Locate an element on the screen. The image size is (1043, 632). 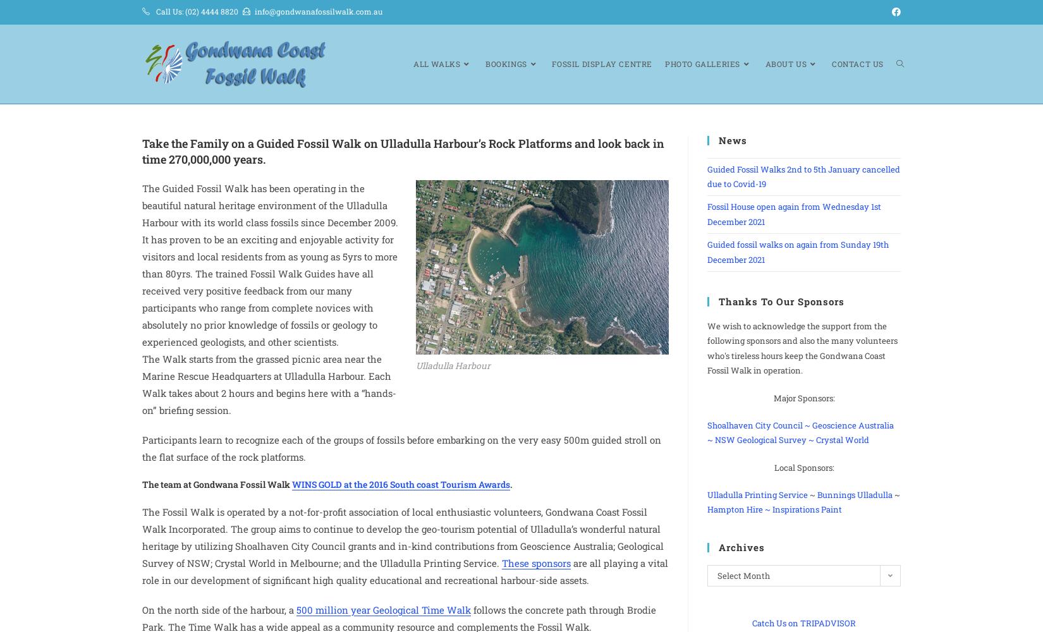
'Inspirations Paint' is located at coordinates (806, 509).